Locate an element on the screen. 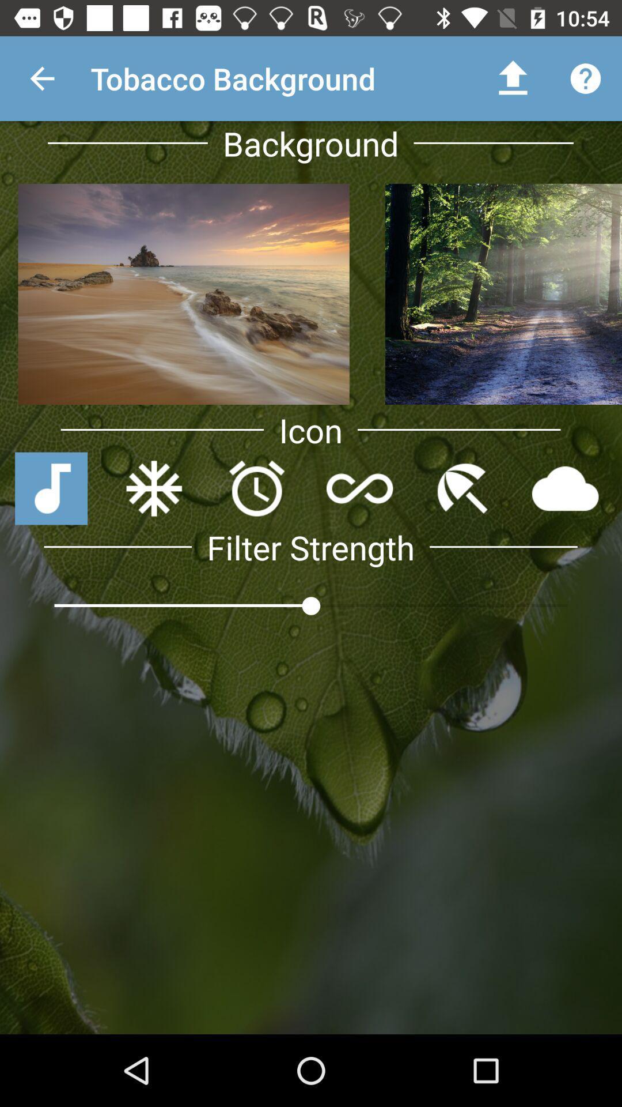 The width and height of the screenshot is (622, 1107). app to the left of the tobacco background is located at coordinates (41, 78).